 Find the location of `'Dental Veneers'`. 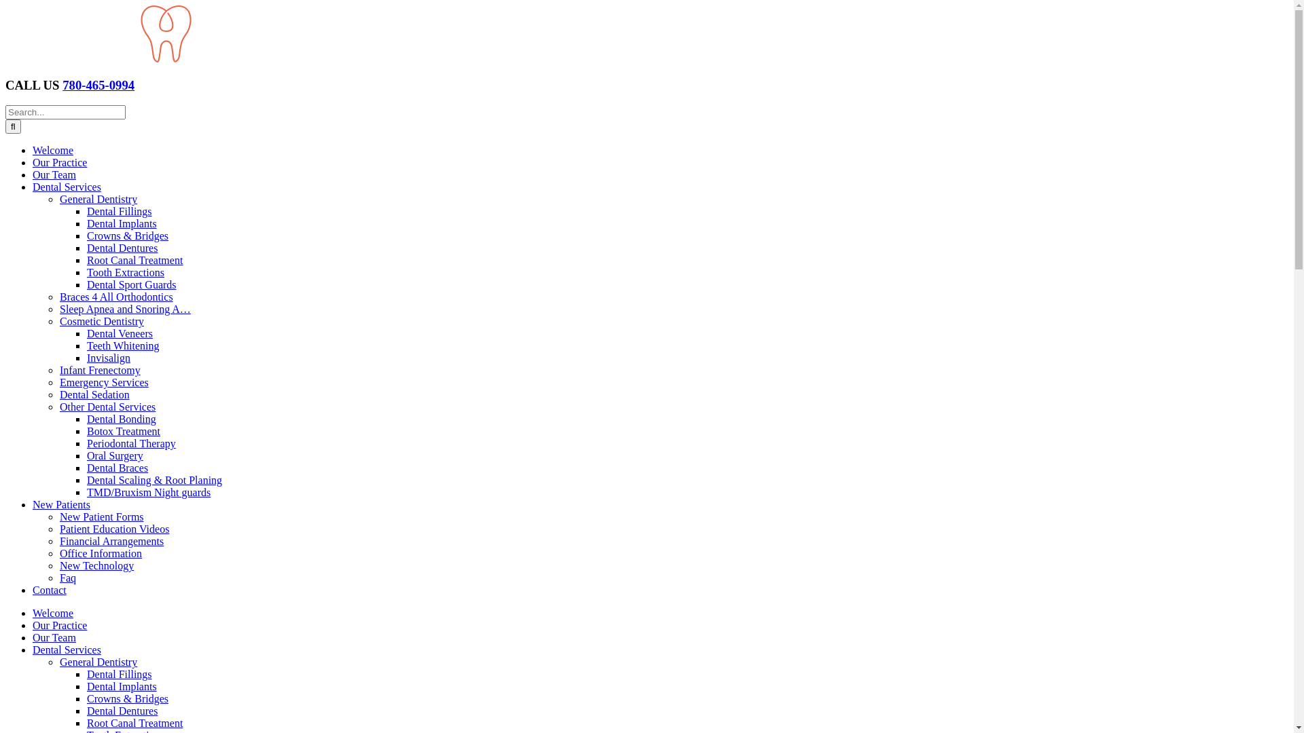

'Dental Veneers' is located at coordinates (120, 333).